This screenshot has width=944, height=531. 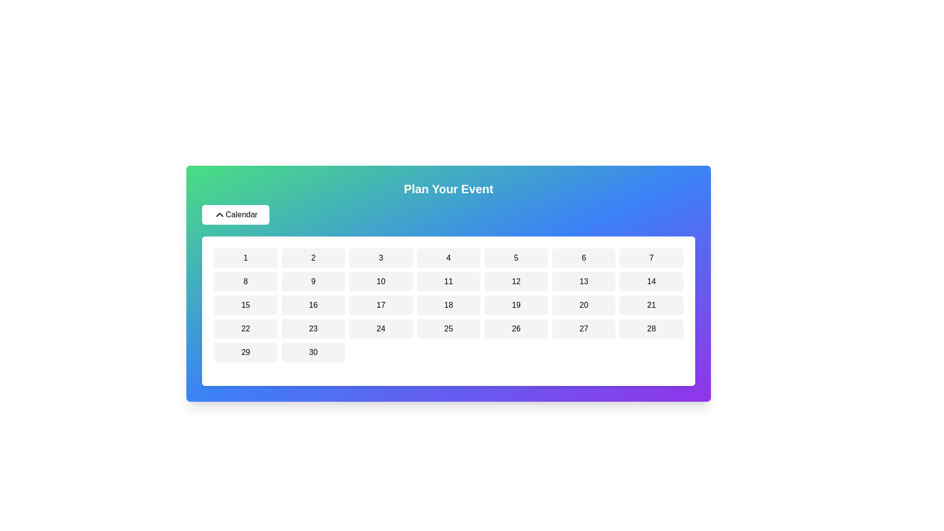 I want to click on the calendar date selection button located in the third row and second column of the grid, adjacent to '15' on the left and '17' on the right, so click(x=313, y=305).